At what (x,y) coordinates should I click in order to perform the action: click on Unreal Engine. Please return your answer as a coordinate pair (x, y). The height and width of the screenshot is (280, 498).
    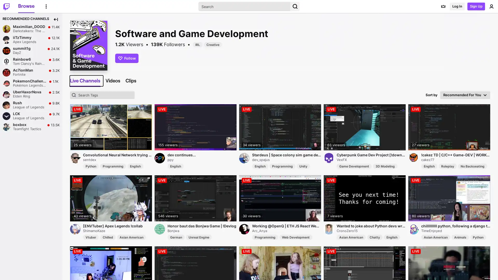
    Looking at the image, I should click on (199, 237).